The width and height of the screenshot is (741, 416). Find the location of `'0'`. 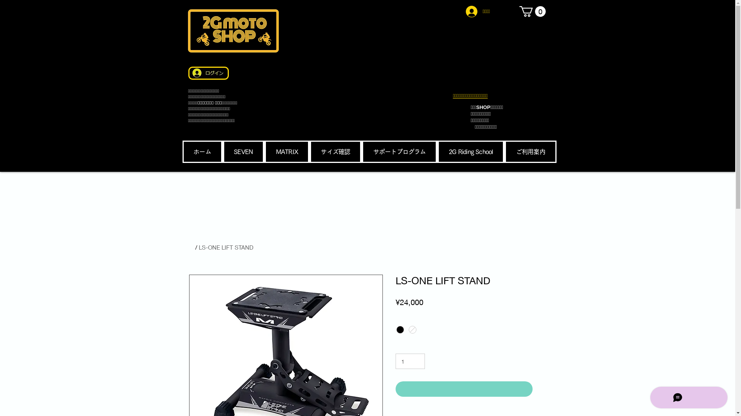

'0' is located at coordinates (532, 12).